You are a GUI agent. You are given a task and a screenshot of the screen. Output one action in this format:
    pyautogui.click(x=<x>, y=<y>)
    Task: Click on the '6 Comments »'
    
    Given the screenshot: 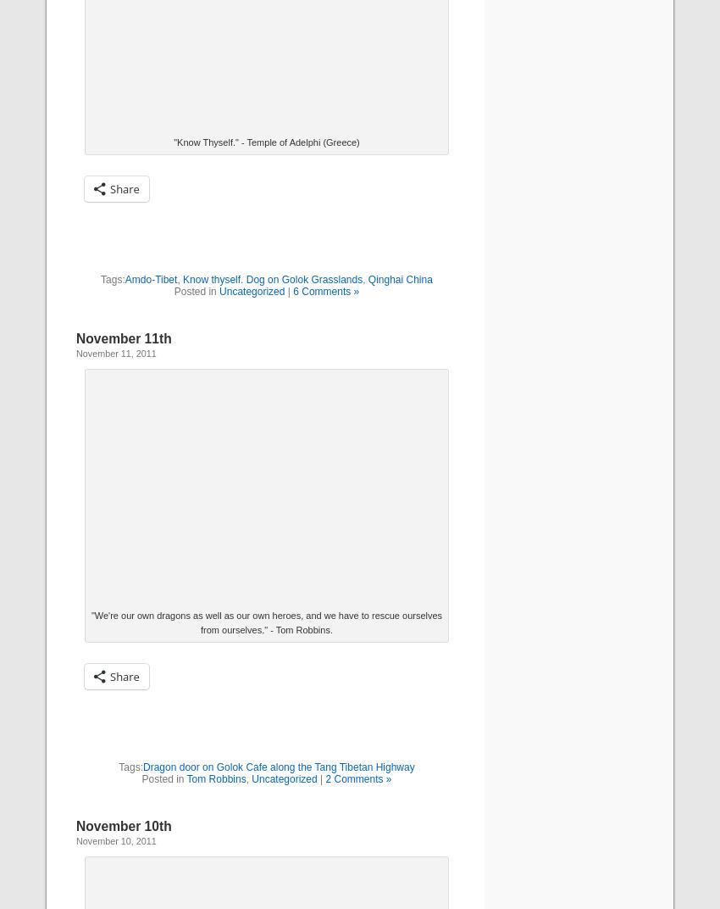 What is the action you would take?
    pyautogui.click(x=325, y=291)
    